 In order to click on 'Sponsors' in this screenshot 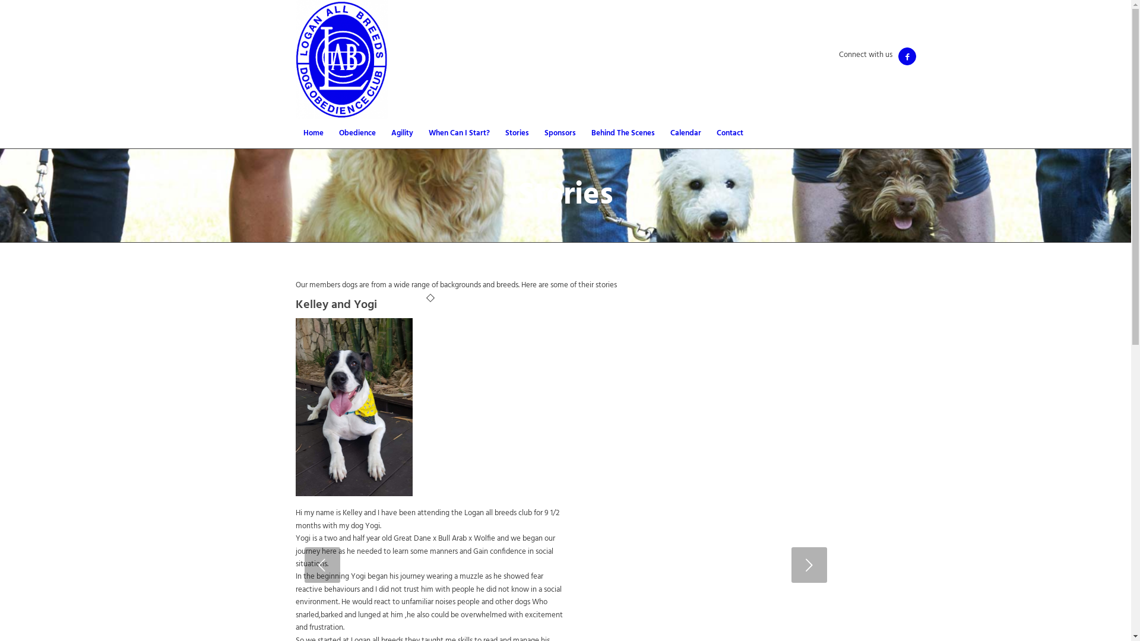, I will do `click(559, 133)`.